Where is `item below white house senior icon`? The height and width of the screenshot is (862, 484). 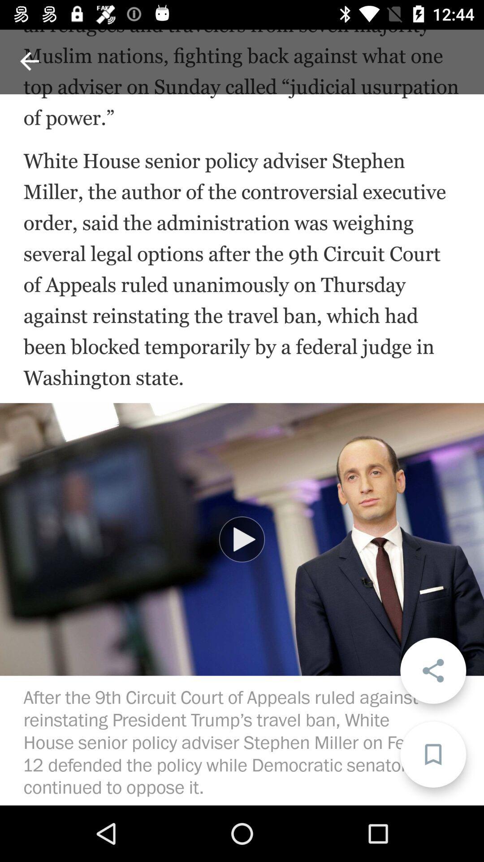 item below white house senior icon is located at coordinates (432, 670).